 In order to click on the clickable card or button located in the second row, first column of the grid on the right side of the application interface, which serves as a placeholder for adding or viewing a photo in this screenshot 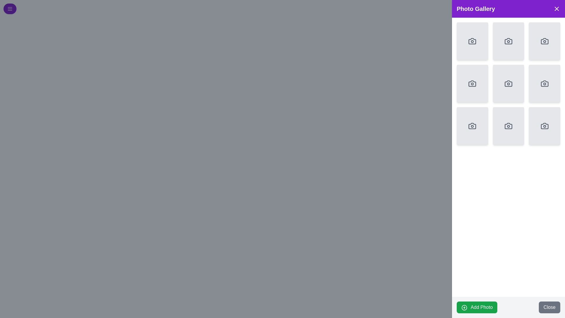, I will do `click(472, 84)`.